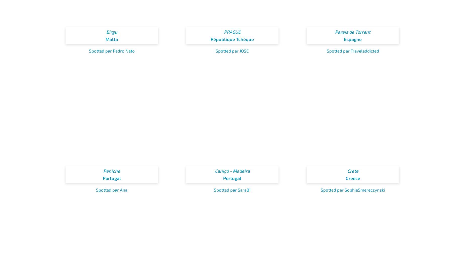 The width and height of the screenshot is (465, 270). What do you see at coordinates (111, 51) in the screenshot?
I see `'Spotted par Pedro Neto'` at bounding box center [111, 51].